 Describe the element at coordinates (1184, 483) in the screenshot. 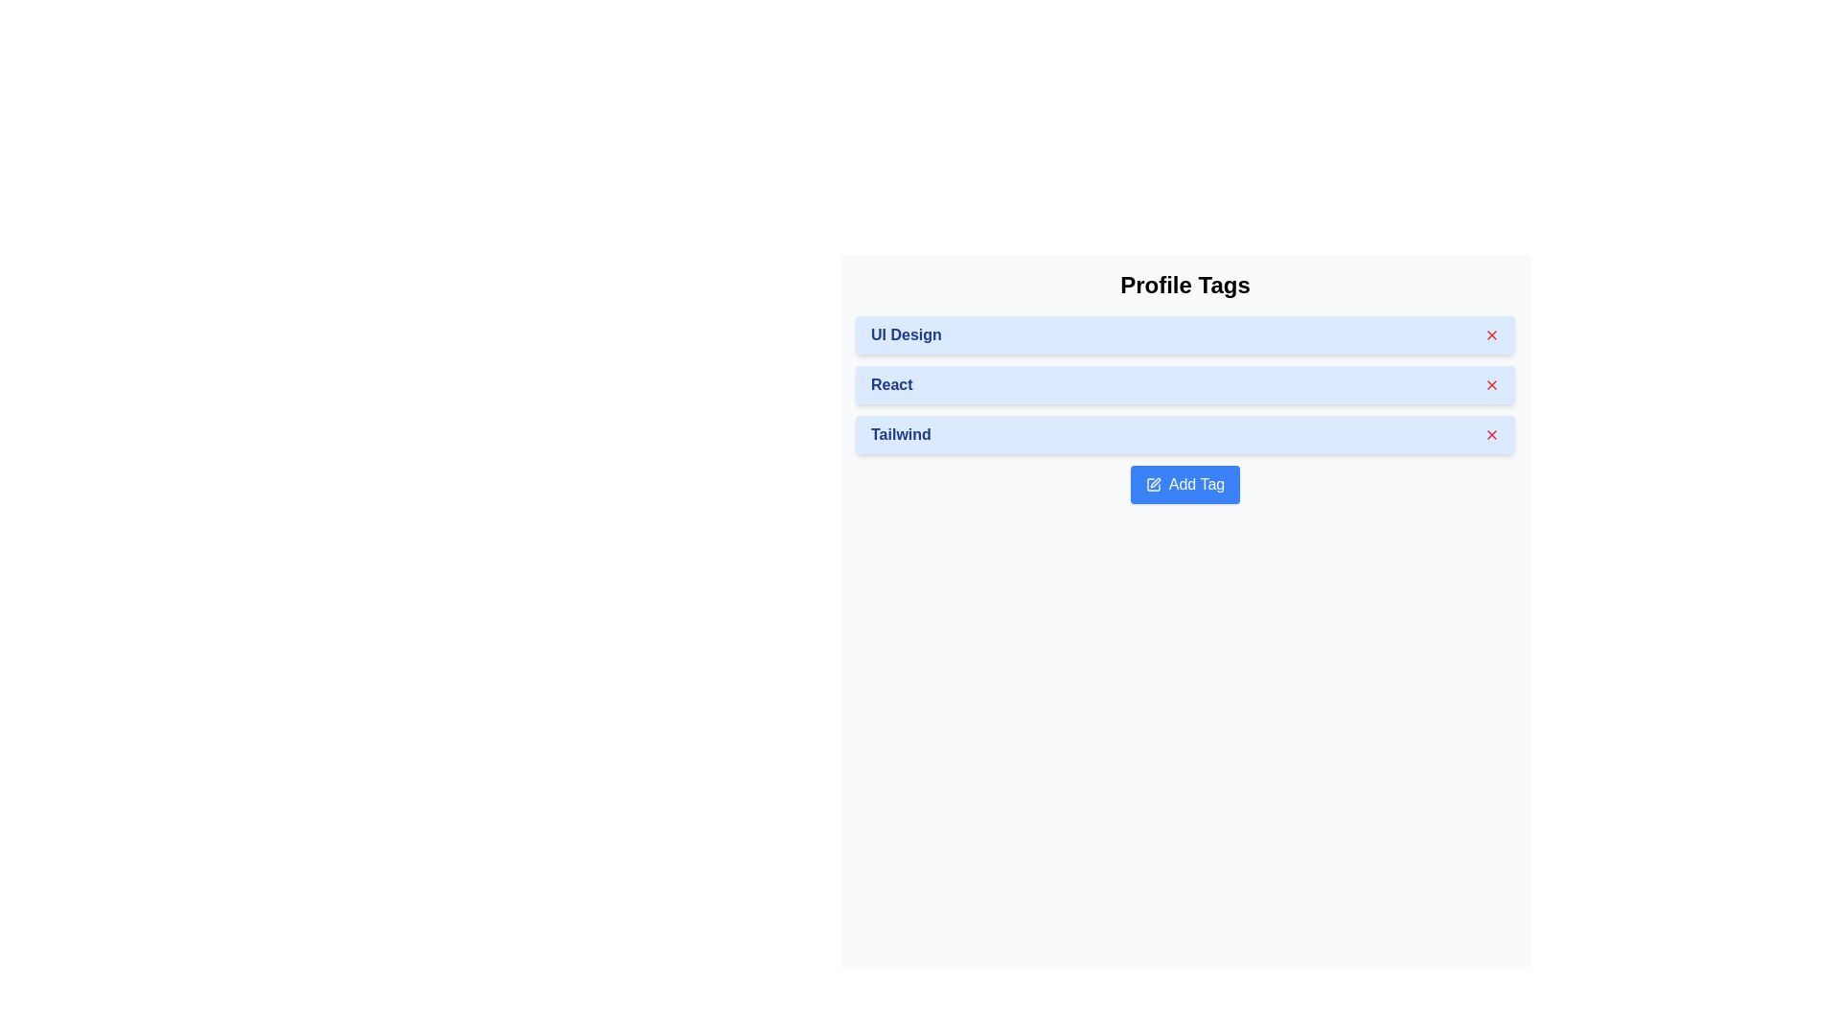

I see `the button that facilitates the addition of a new tag to the user's profile, located at the bottom of the list of tags including 'UI Design', 'React', and 'Tailwind'` at that location.